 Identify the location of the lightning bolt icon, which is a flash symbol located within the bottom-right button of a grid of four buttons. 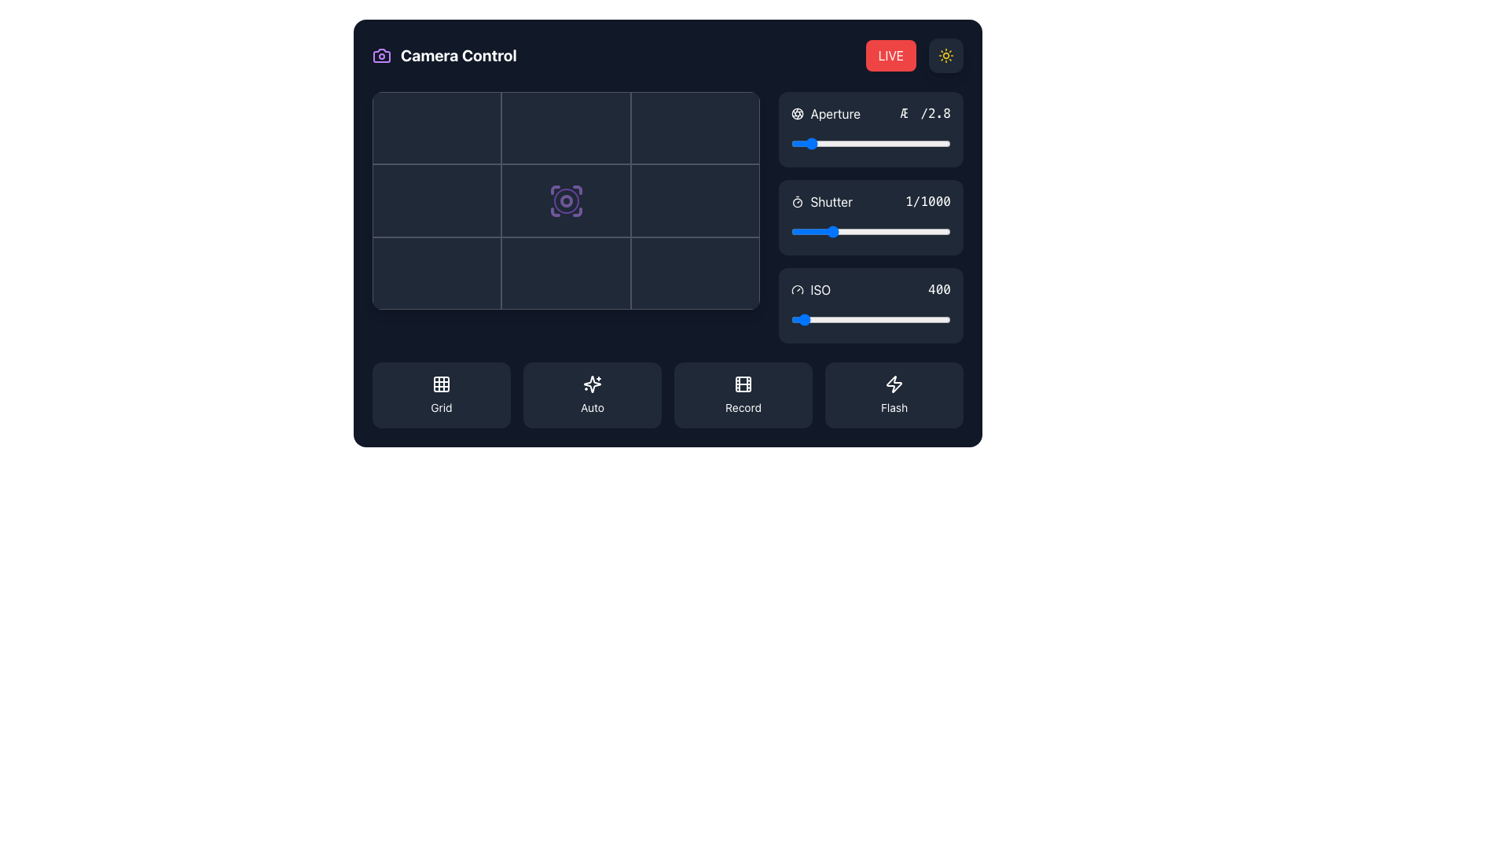
(894, 384).